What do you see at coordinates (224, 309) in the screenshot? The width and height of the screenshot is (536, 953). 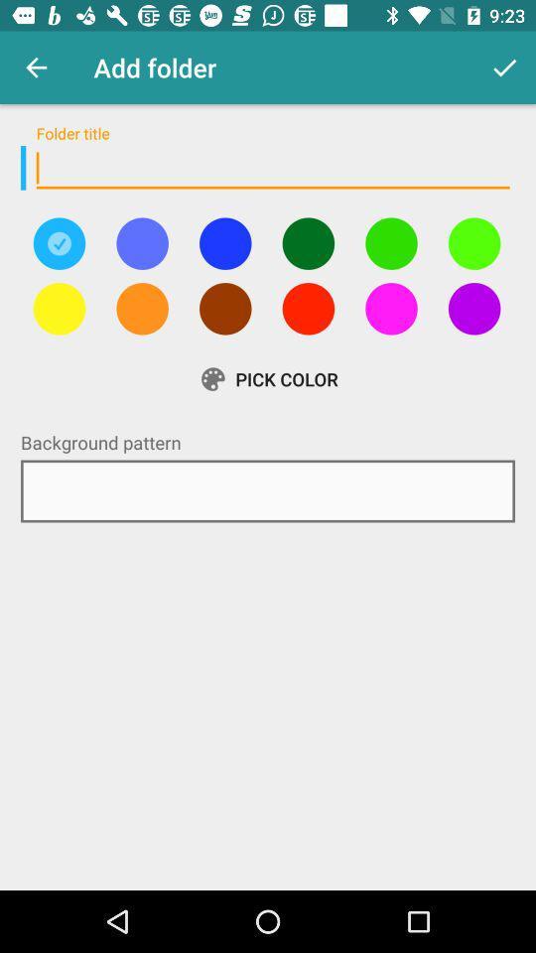 I see `the avatar icon` at bounding box center [224, 309].